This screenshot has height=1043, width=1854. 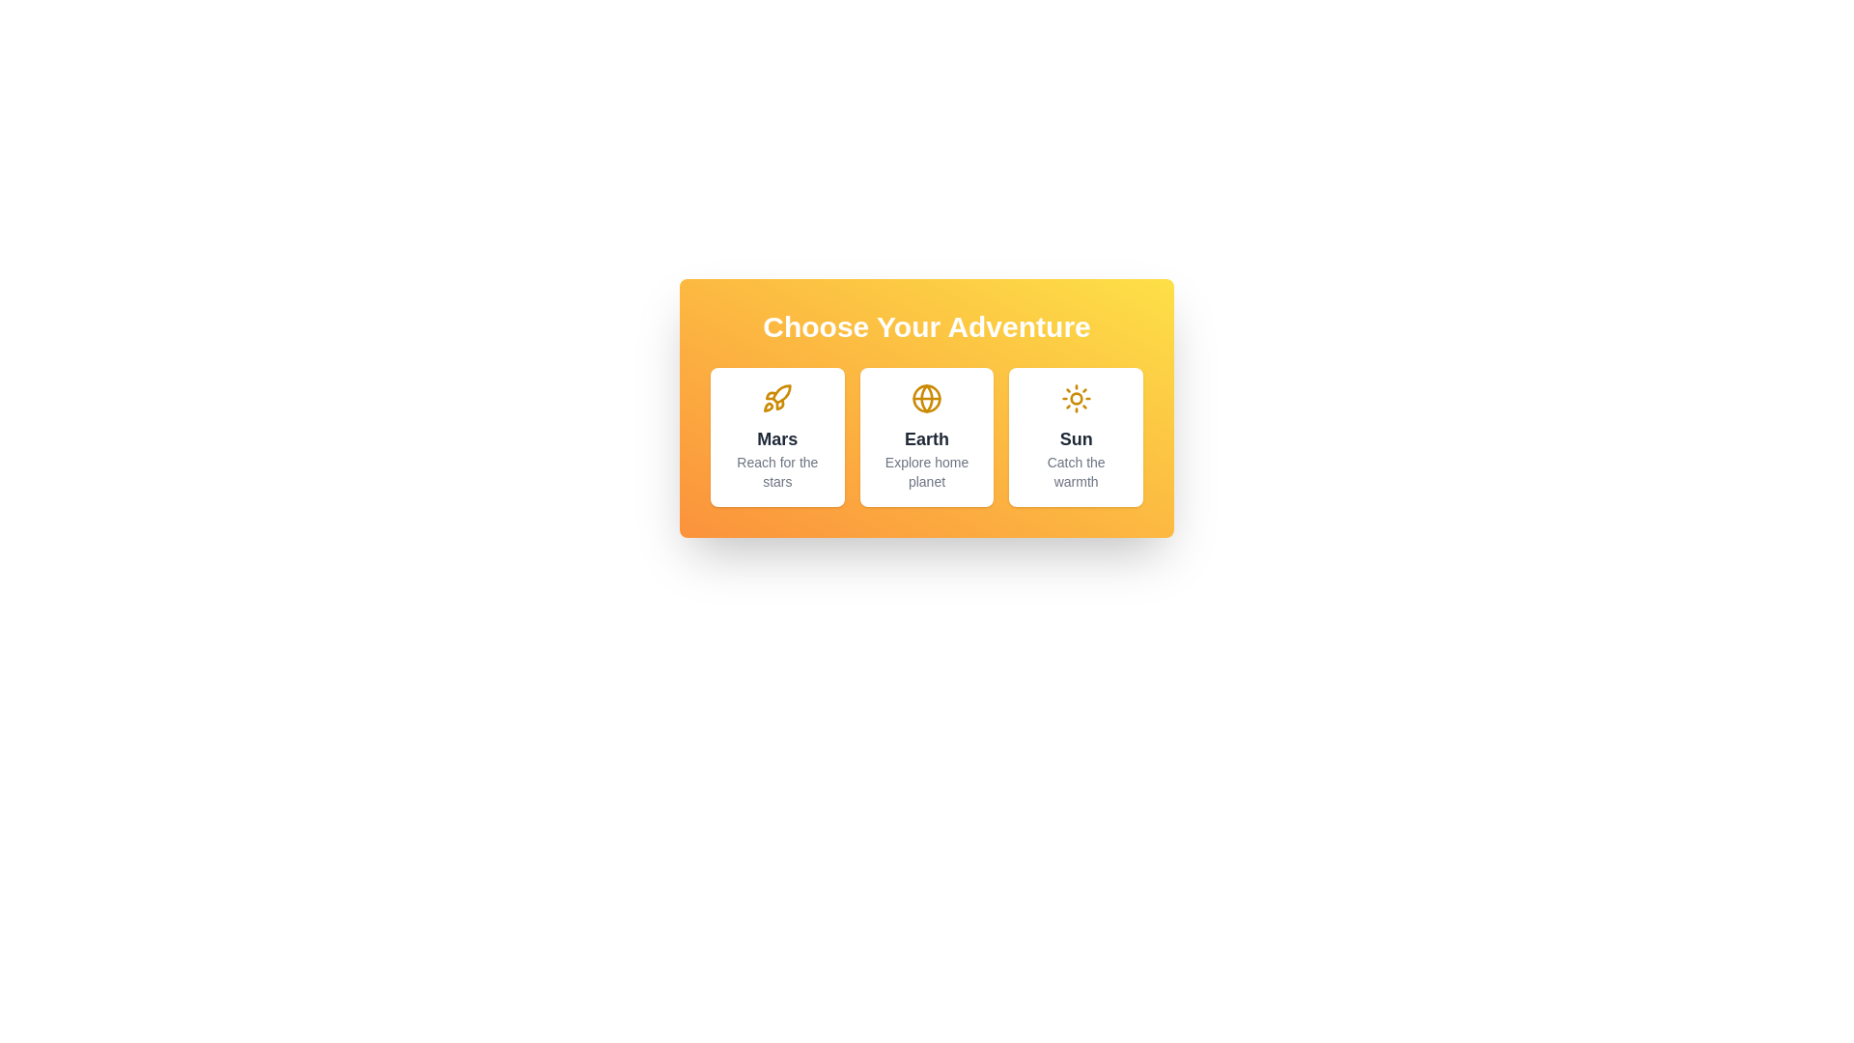 What do you see at coordinates (927, 437) in the screenshot?
I see `the destination card for Earth` at bounding box center [927, 437].